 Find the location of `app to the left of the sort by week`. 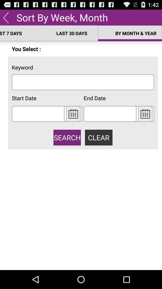

app to the left of the sort by week is located at coordinates (5, 17).